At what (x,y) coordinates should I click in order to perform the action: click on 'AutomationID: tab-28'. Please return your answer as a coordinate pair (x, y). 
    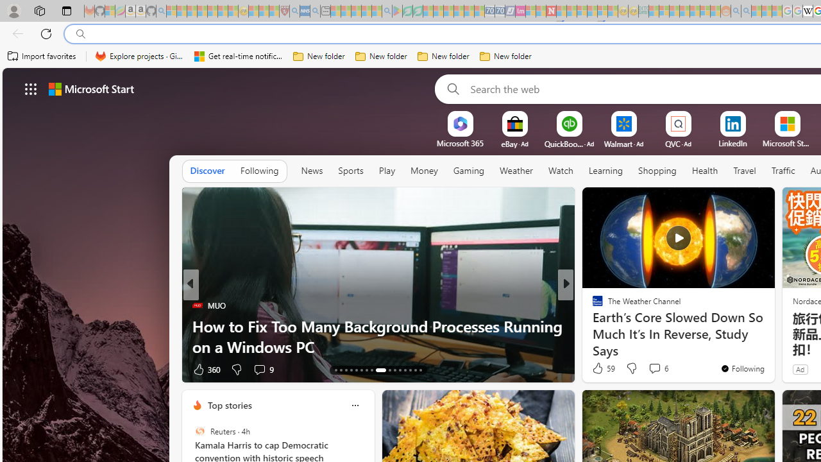
    Looking at the image, I should click on (421, 370).